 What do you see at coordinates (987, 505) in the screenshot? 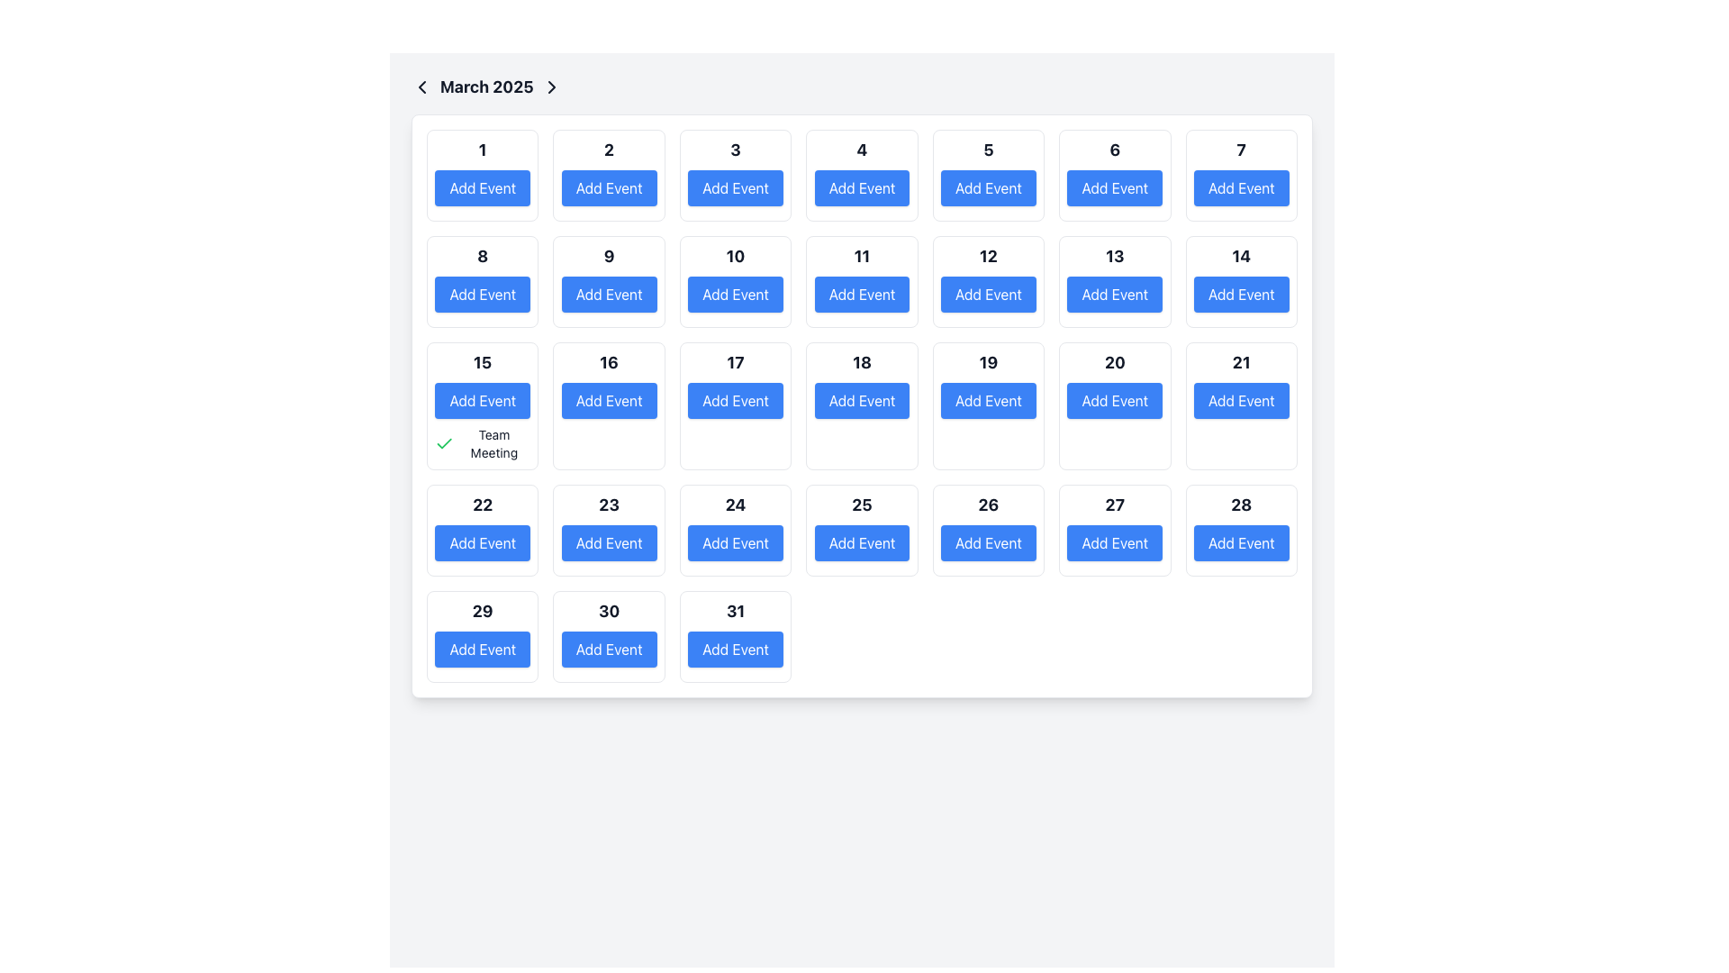
I see `the static text label displaying the date '26' in the calendar view of March 2025, located in the fourth row and fifth column of the grid` at bounding box center [987, 505].